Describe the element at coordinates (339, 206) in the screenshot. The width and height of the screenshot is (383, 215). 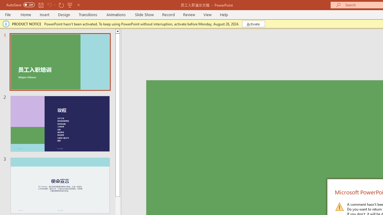
I see `'Warning Icon'` at that location.